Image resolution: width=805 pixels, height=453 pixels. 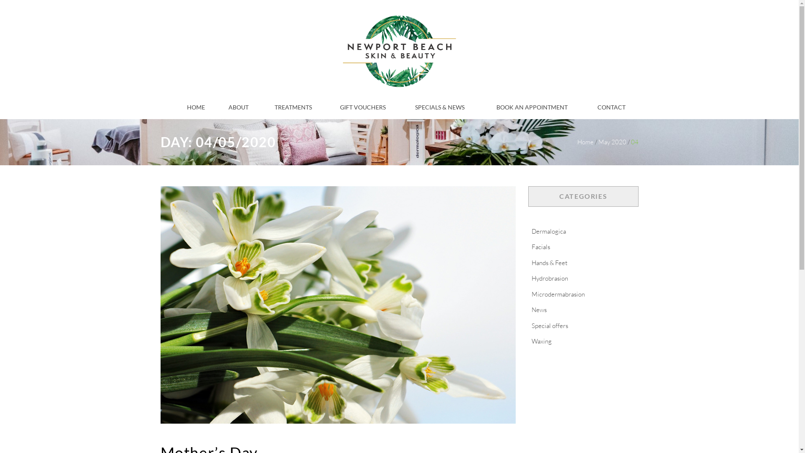 What do you see at coordinates (541, 246) in the screenshot?
I see `'Facials'` at bounding box center [541, 246].